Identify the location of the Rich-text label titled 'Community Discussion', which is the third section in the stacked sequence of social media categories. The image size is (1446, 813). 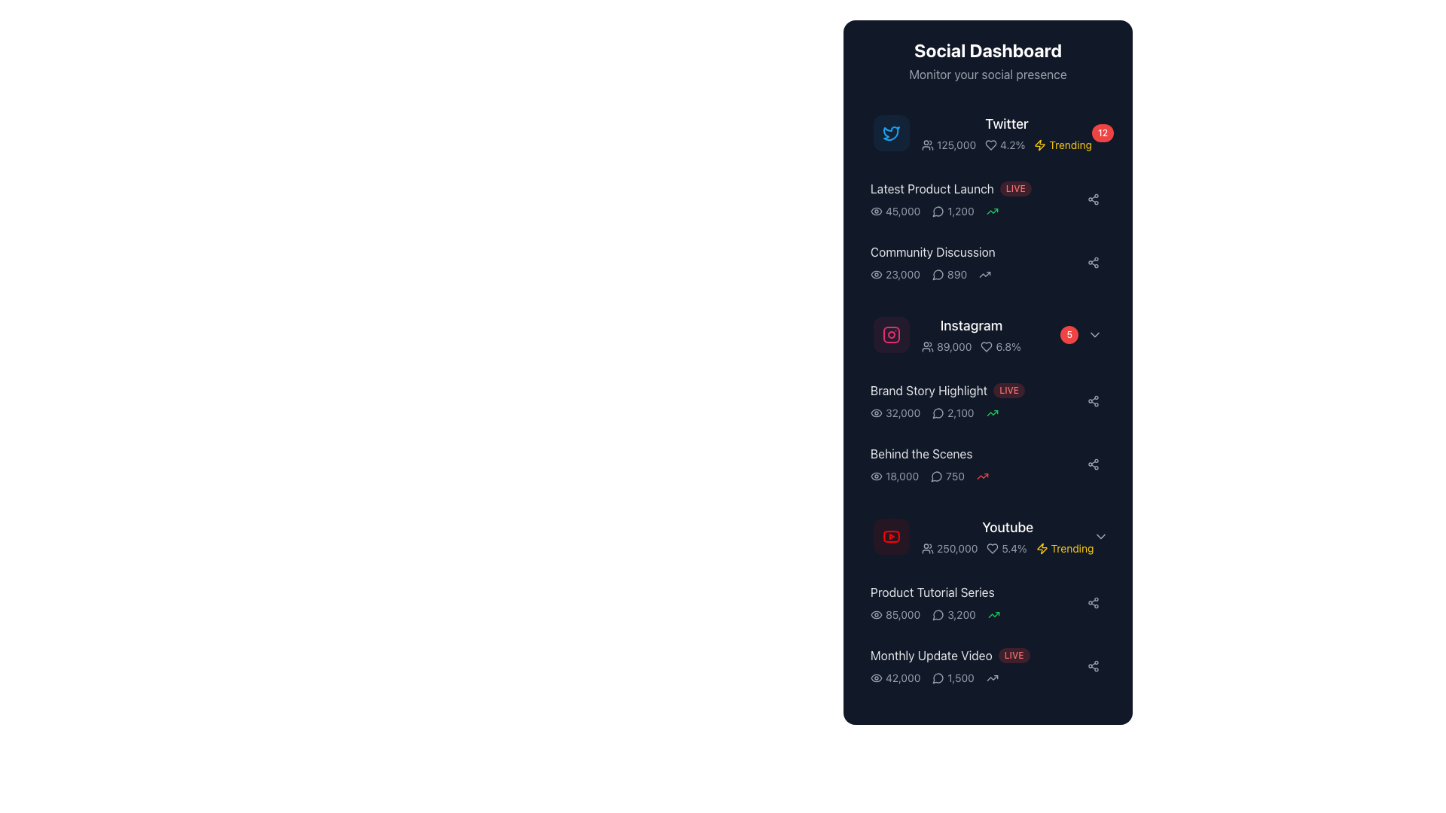
(976, 261).